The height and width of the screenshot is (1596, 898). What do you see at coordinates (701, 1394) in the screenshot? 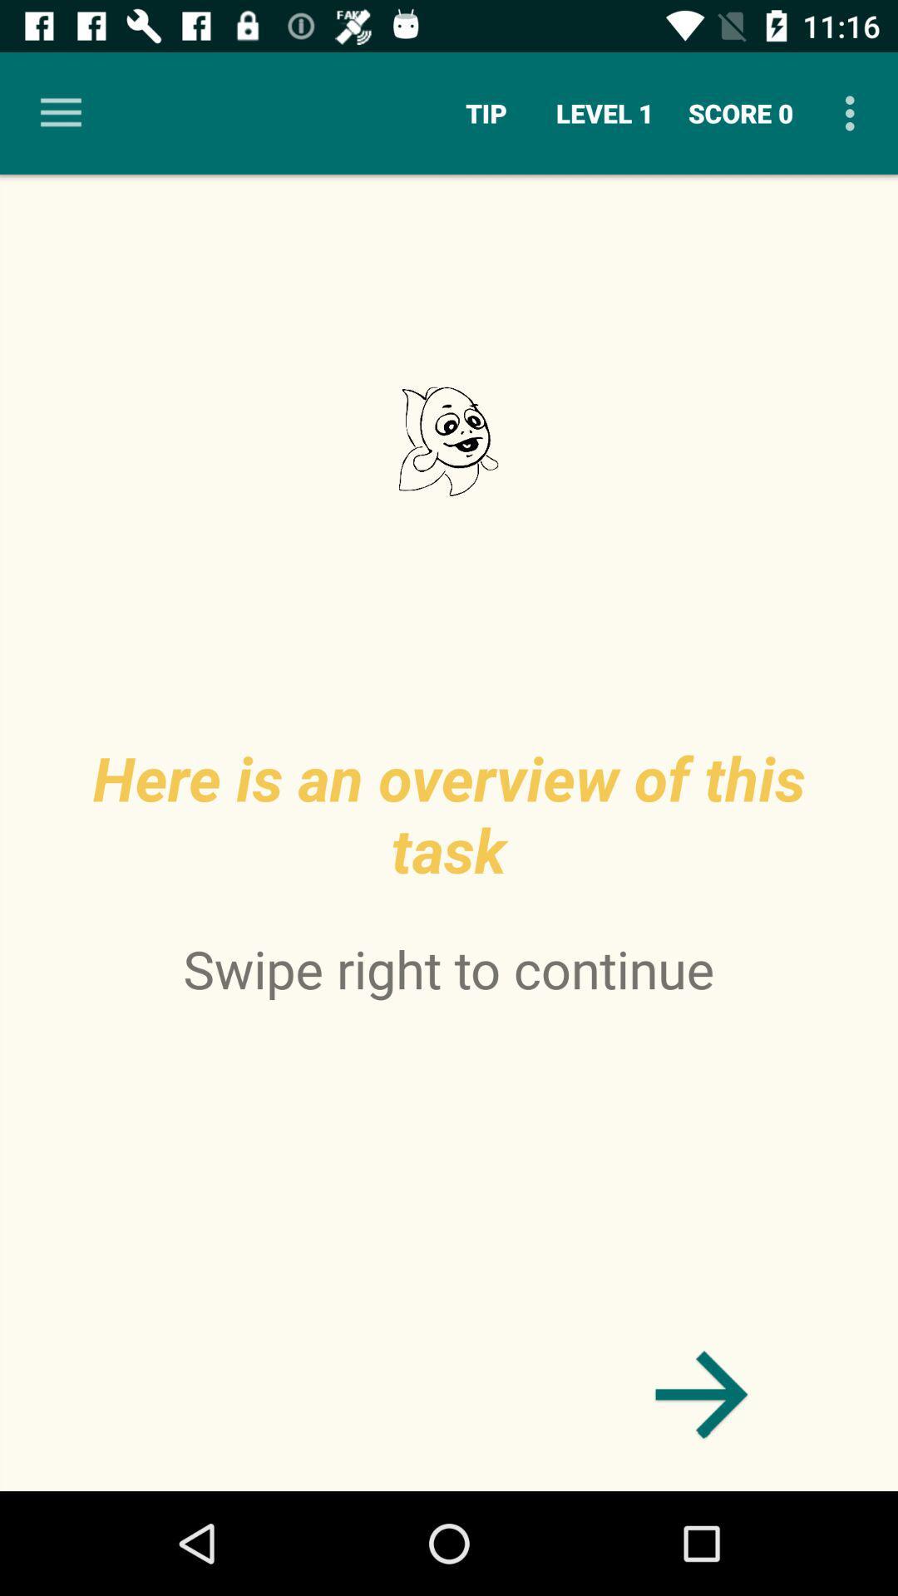
I see `the arrow_forward icon` at bounding box center [701, 1394].